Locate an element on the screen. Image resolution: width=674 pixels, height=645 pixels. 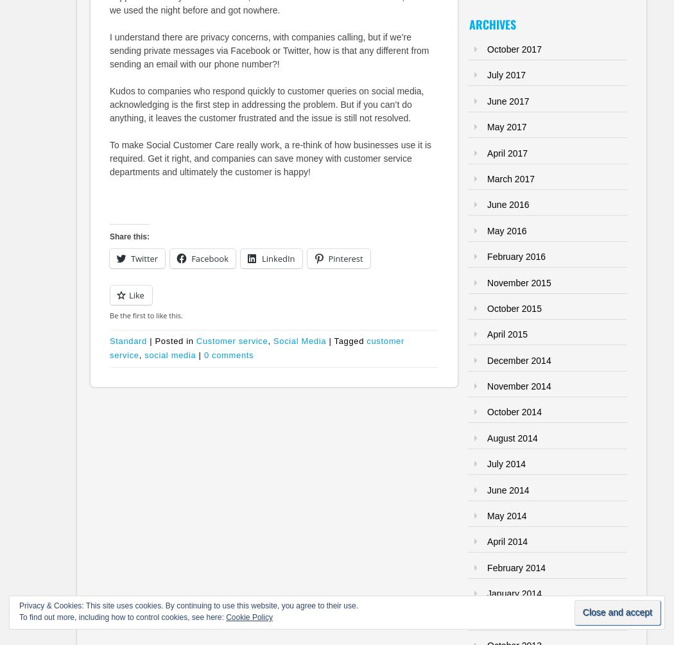
'LinkedIn' is located at coordinates (277, 259).